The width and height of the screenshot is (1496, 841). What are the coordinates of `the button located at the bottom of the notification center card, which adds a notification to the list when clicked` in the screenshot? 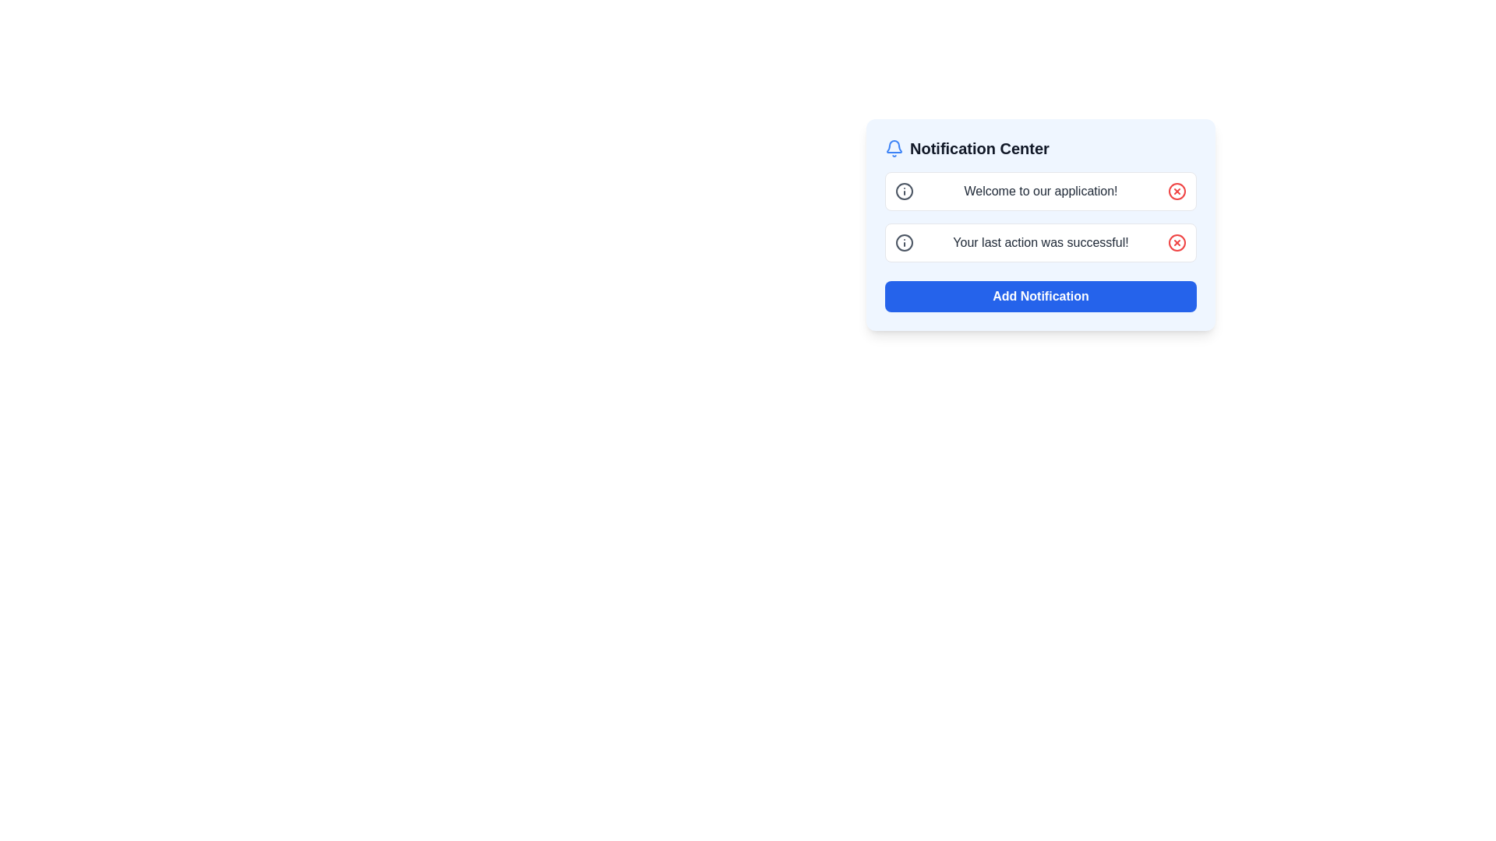 It's located at (1040, 297).